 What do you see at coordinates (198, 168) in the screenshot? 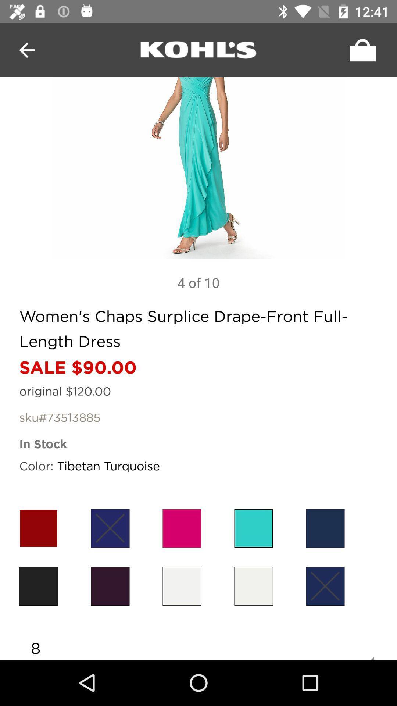
I see `open image` at bounding box center [198, 168].